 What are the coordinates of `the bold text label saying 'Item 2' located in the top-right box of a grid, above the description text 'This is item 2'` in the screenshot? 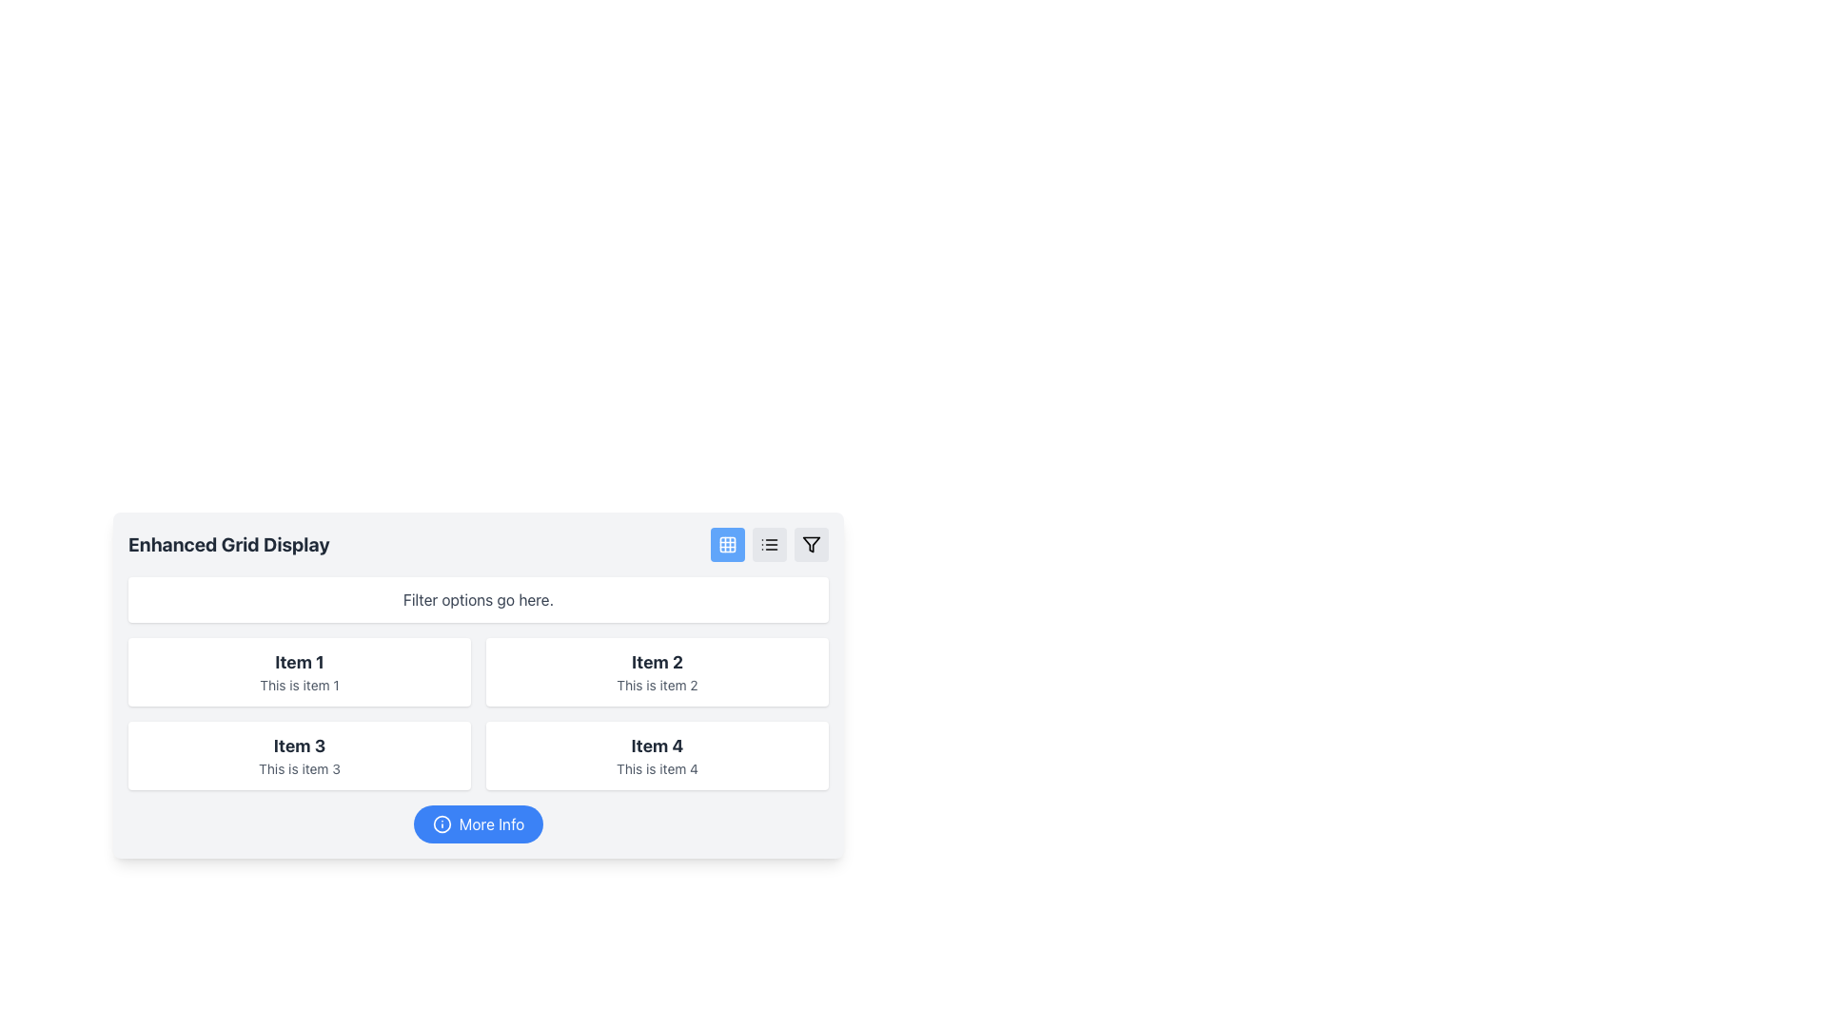 It's located at (658, 662).